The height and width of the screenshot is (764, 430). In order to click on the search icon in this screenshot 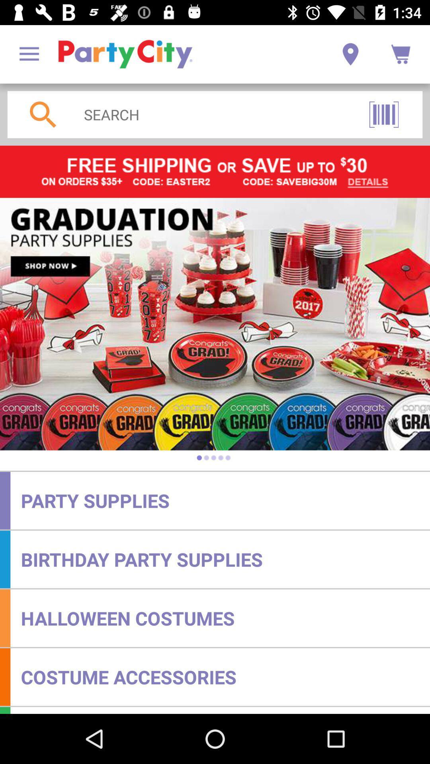, I will do `click(43, 114)`.